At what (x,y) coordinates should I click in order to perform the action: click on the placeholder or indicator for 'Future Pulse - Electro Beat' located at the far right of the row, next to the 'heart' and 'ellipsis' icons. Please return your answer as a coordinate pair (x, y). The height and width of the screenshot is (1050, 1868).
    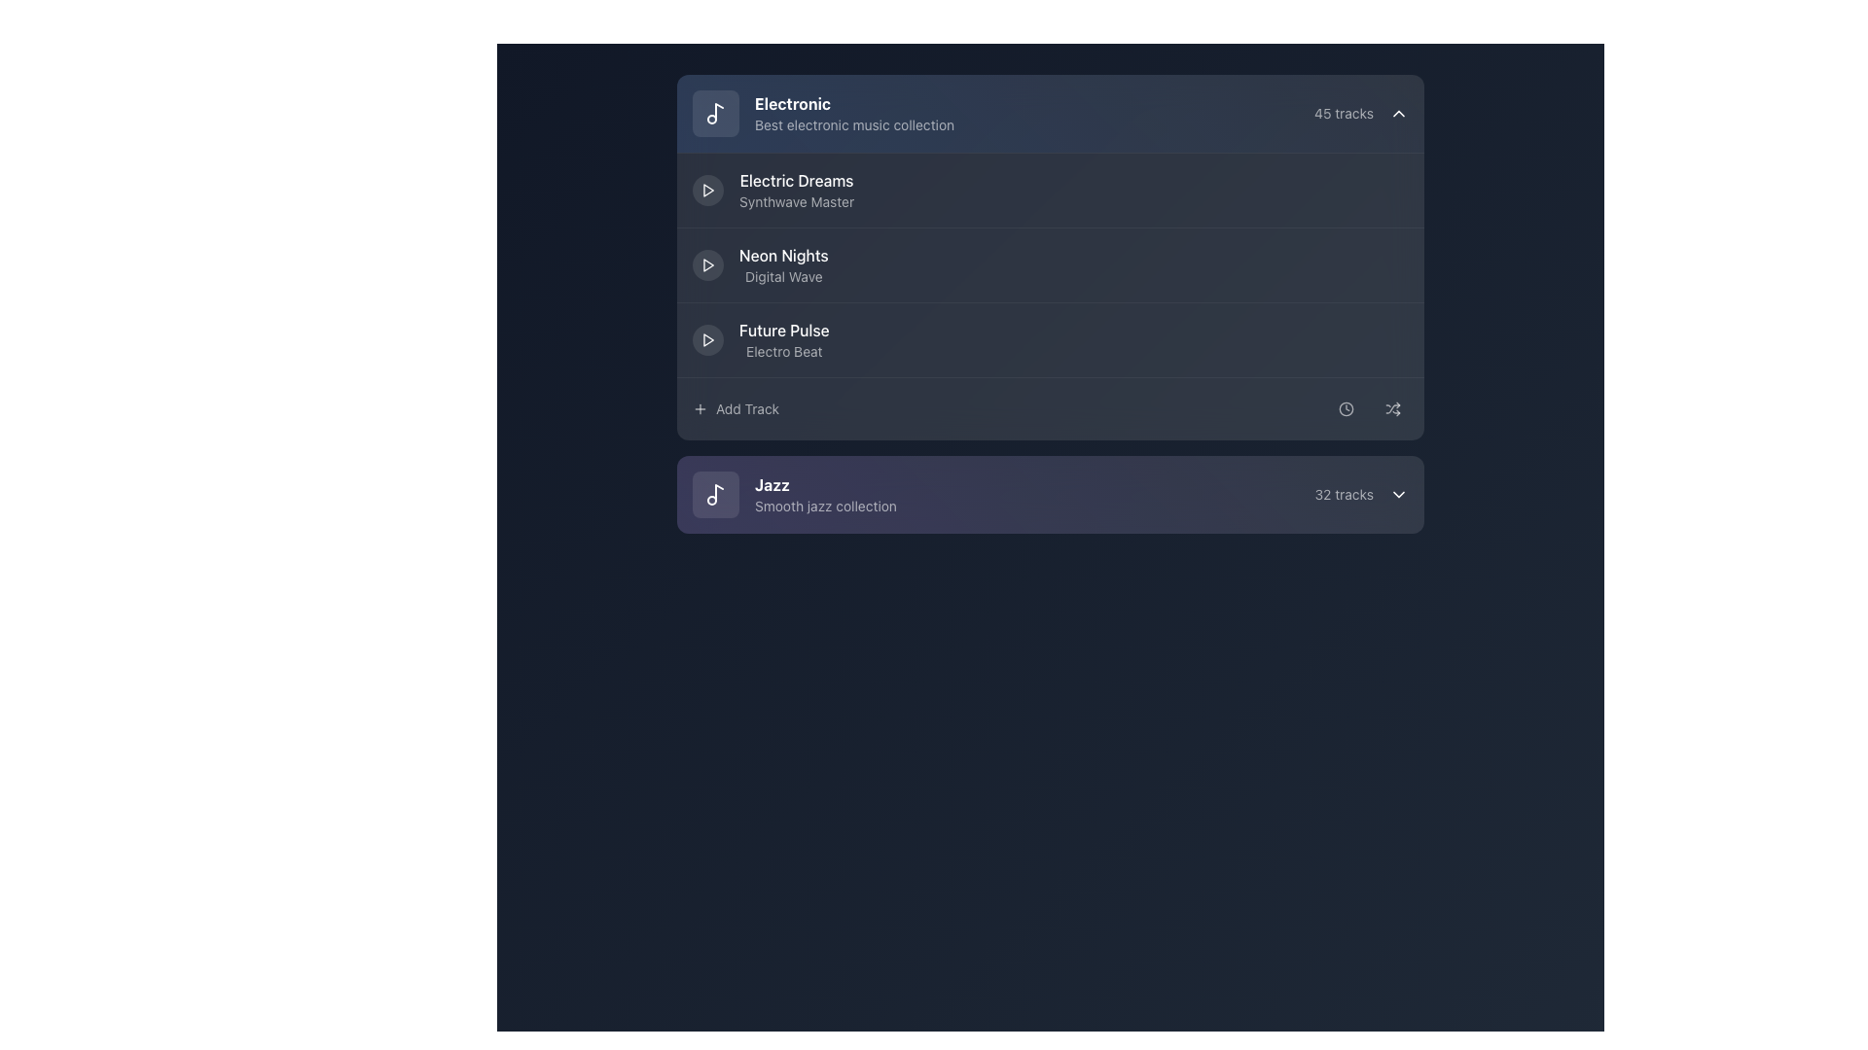
    Looking at the image, I should click on (1347, 339).